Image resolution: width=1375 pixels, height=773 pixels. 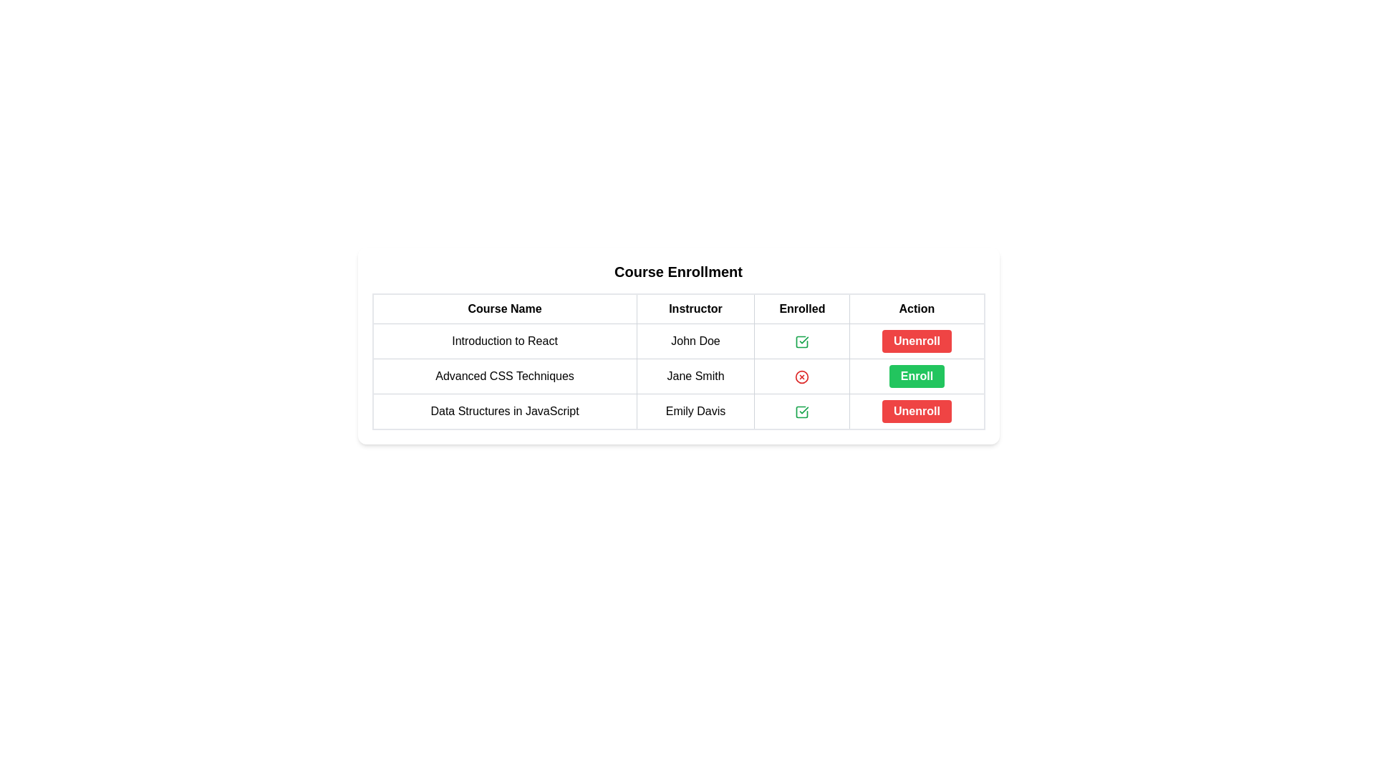 I want to click on the text label displaying 'Introduction, so click(x=504, y=341).